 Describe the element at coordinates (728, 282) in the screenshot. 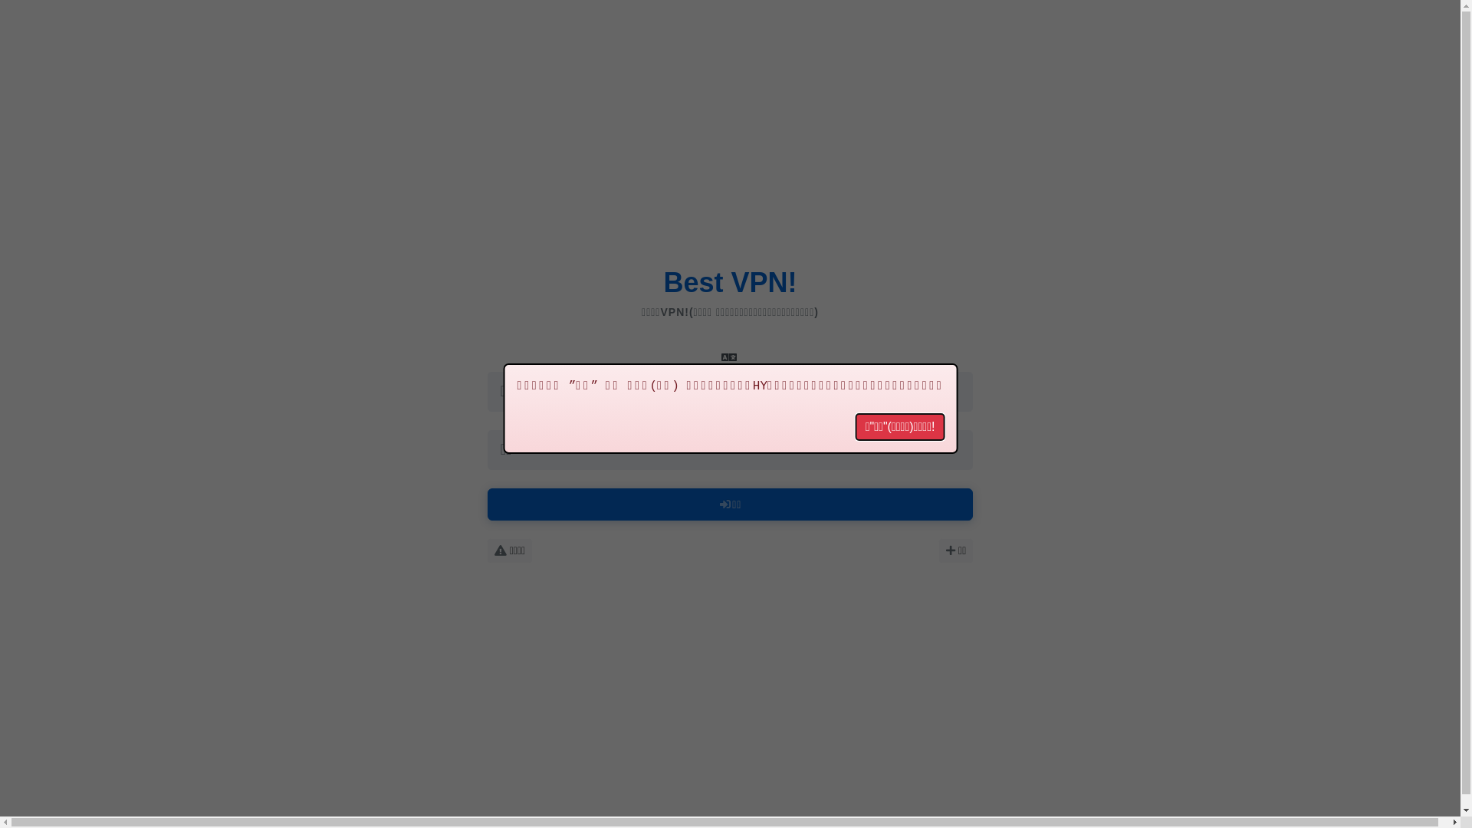

I see `'Best VPN!'` at that location.